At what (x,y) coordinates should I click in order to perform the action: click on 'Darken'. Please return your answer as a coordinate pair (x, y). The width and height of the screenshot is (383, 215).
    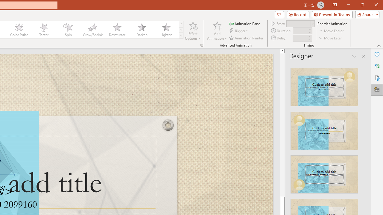
    Looking at the image, I should click on (141, 30).